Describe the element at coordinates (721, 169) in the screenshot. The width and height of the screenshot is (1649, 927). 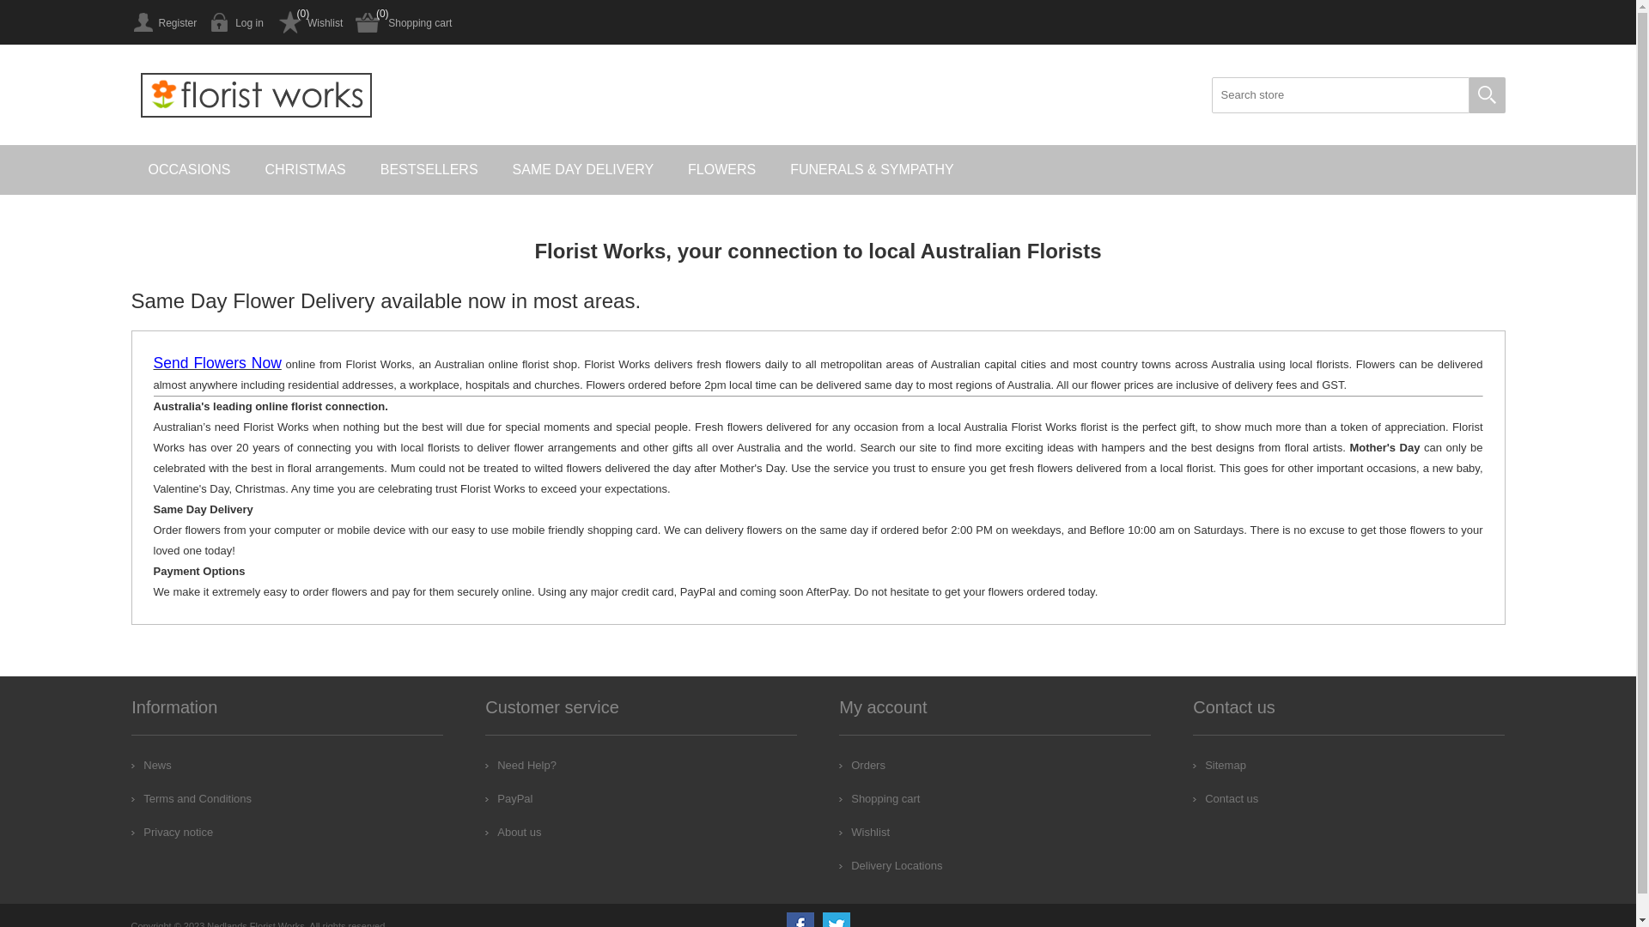
I see `'FLOWERS'` at that location.